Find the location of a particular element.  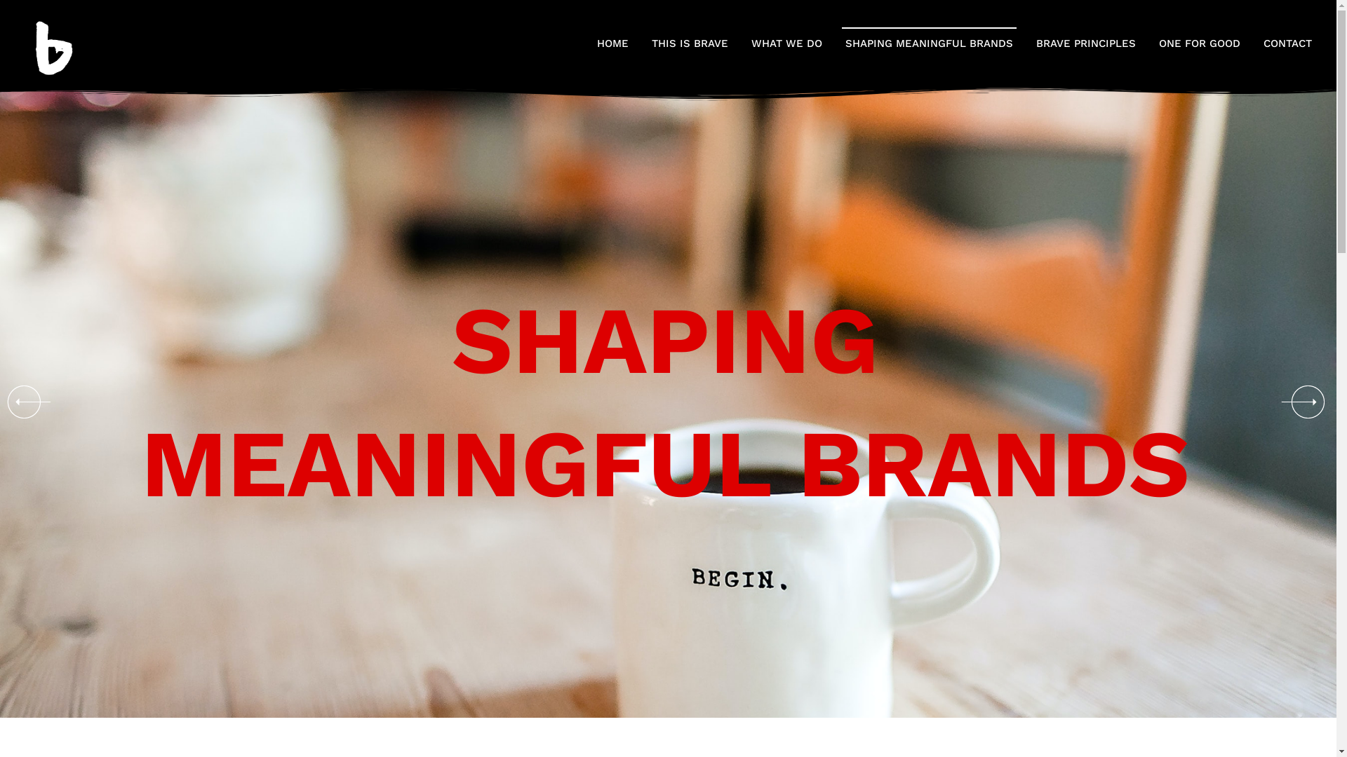

'HOME' is located at coordinates (612, 42).